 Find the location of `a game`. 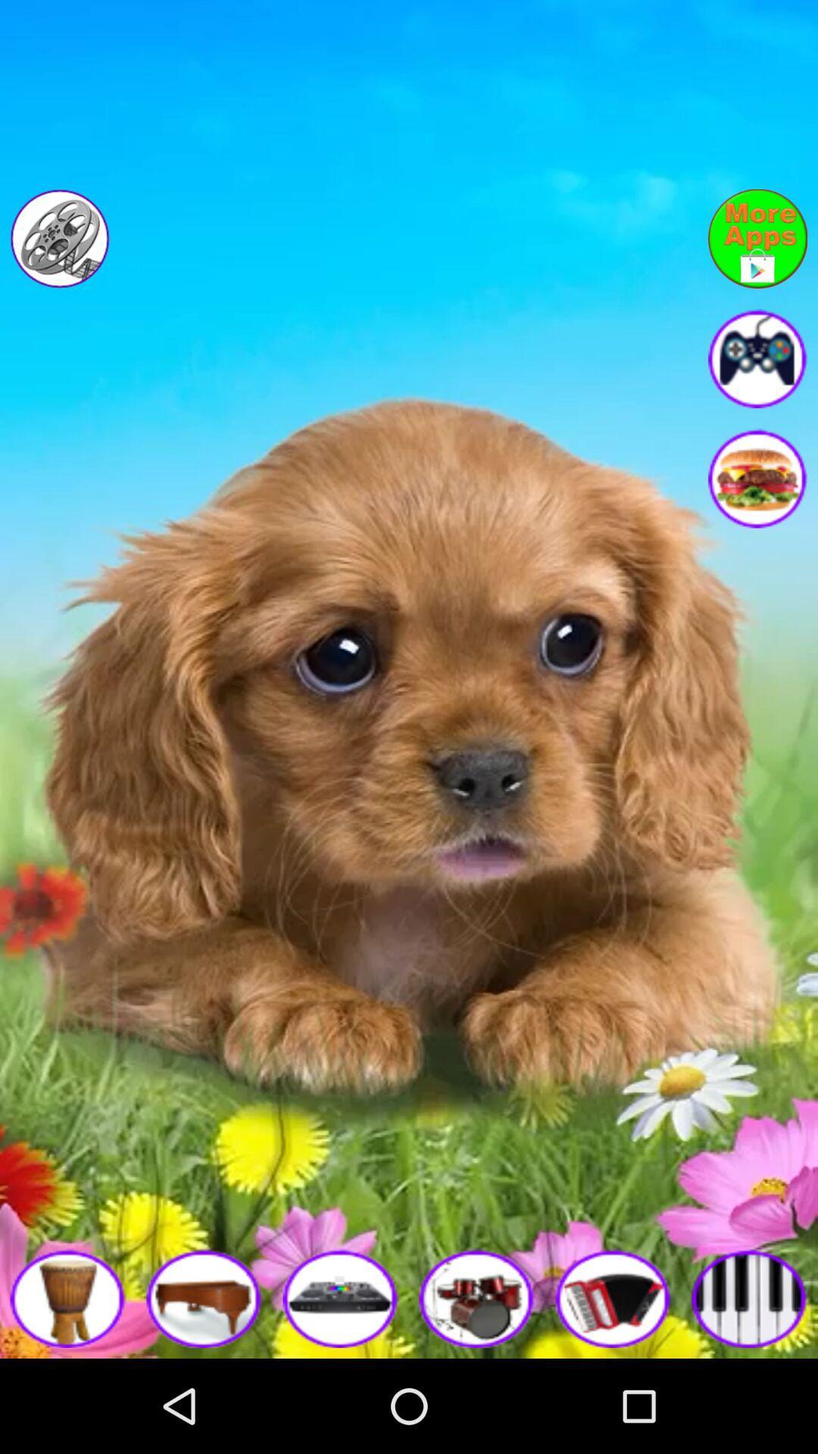

a game is located at coordinates (67, 1297).